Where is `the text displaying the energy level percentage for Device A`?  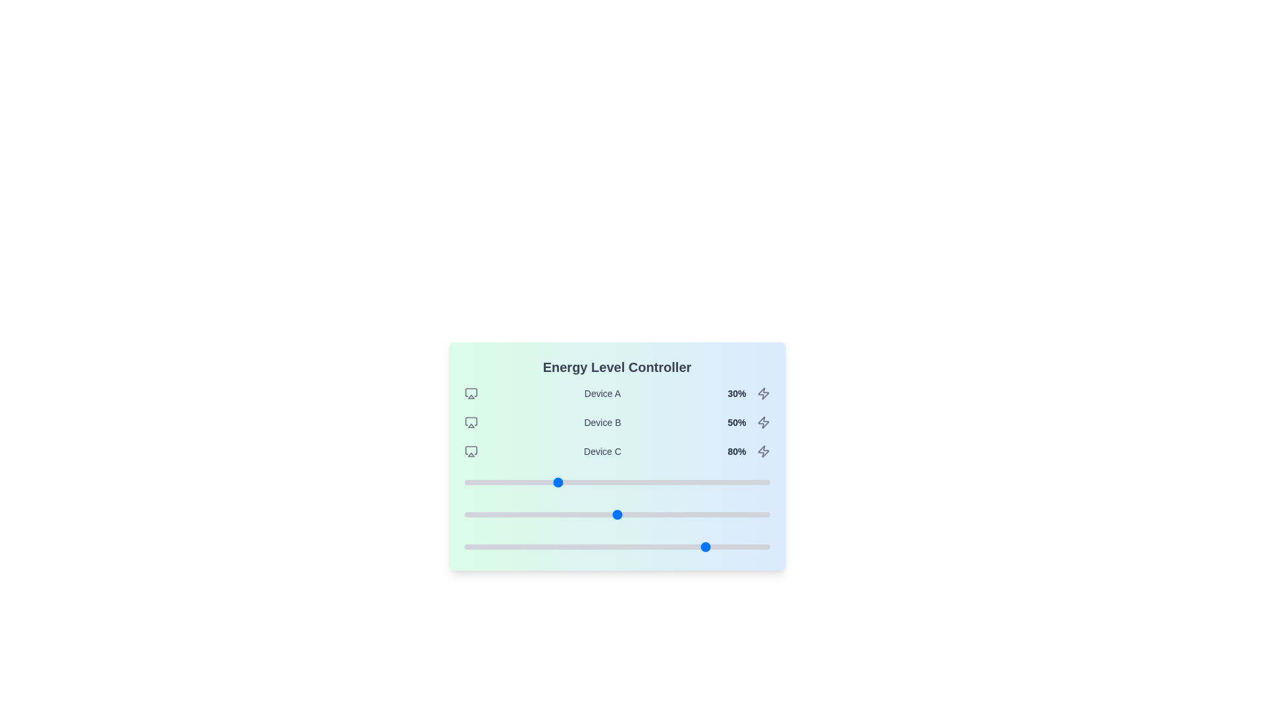
the text displaying the energy level percentage for Device A is located at coordinates (736, 392).